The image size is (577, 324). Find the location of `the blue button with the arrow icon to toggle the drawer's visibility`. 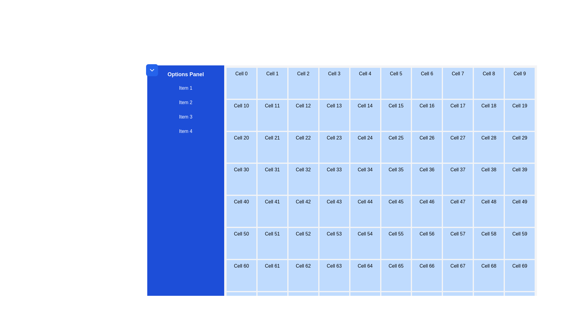

the blue button with the arrow icon to toggle the drawer's visibility is located at coordinates (152, 70).